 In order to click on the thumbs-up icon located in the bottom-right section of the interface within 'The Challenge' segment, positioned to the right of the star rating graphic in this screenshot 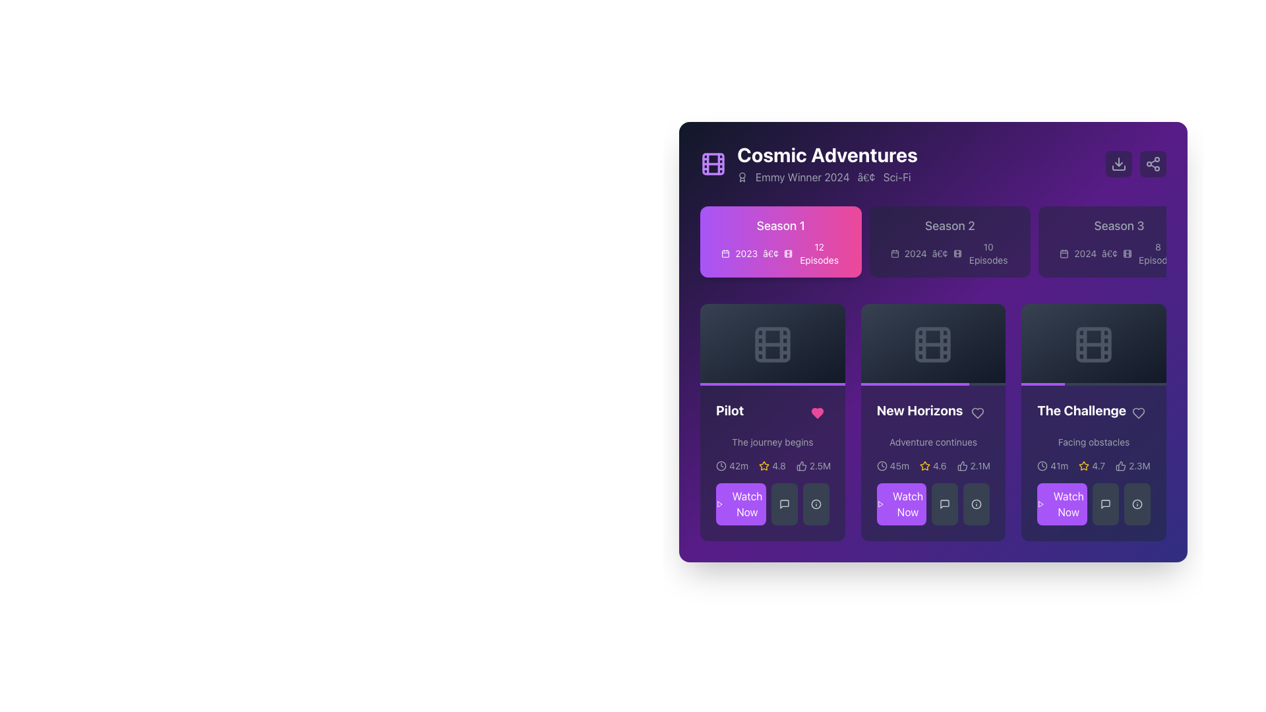, I will do `click(1120, 465)`.